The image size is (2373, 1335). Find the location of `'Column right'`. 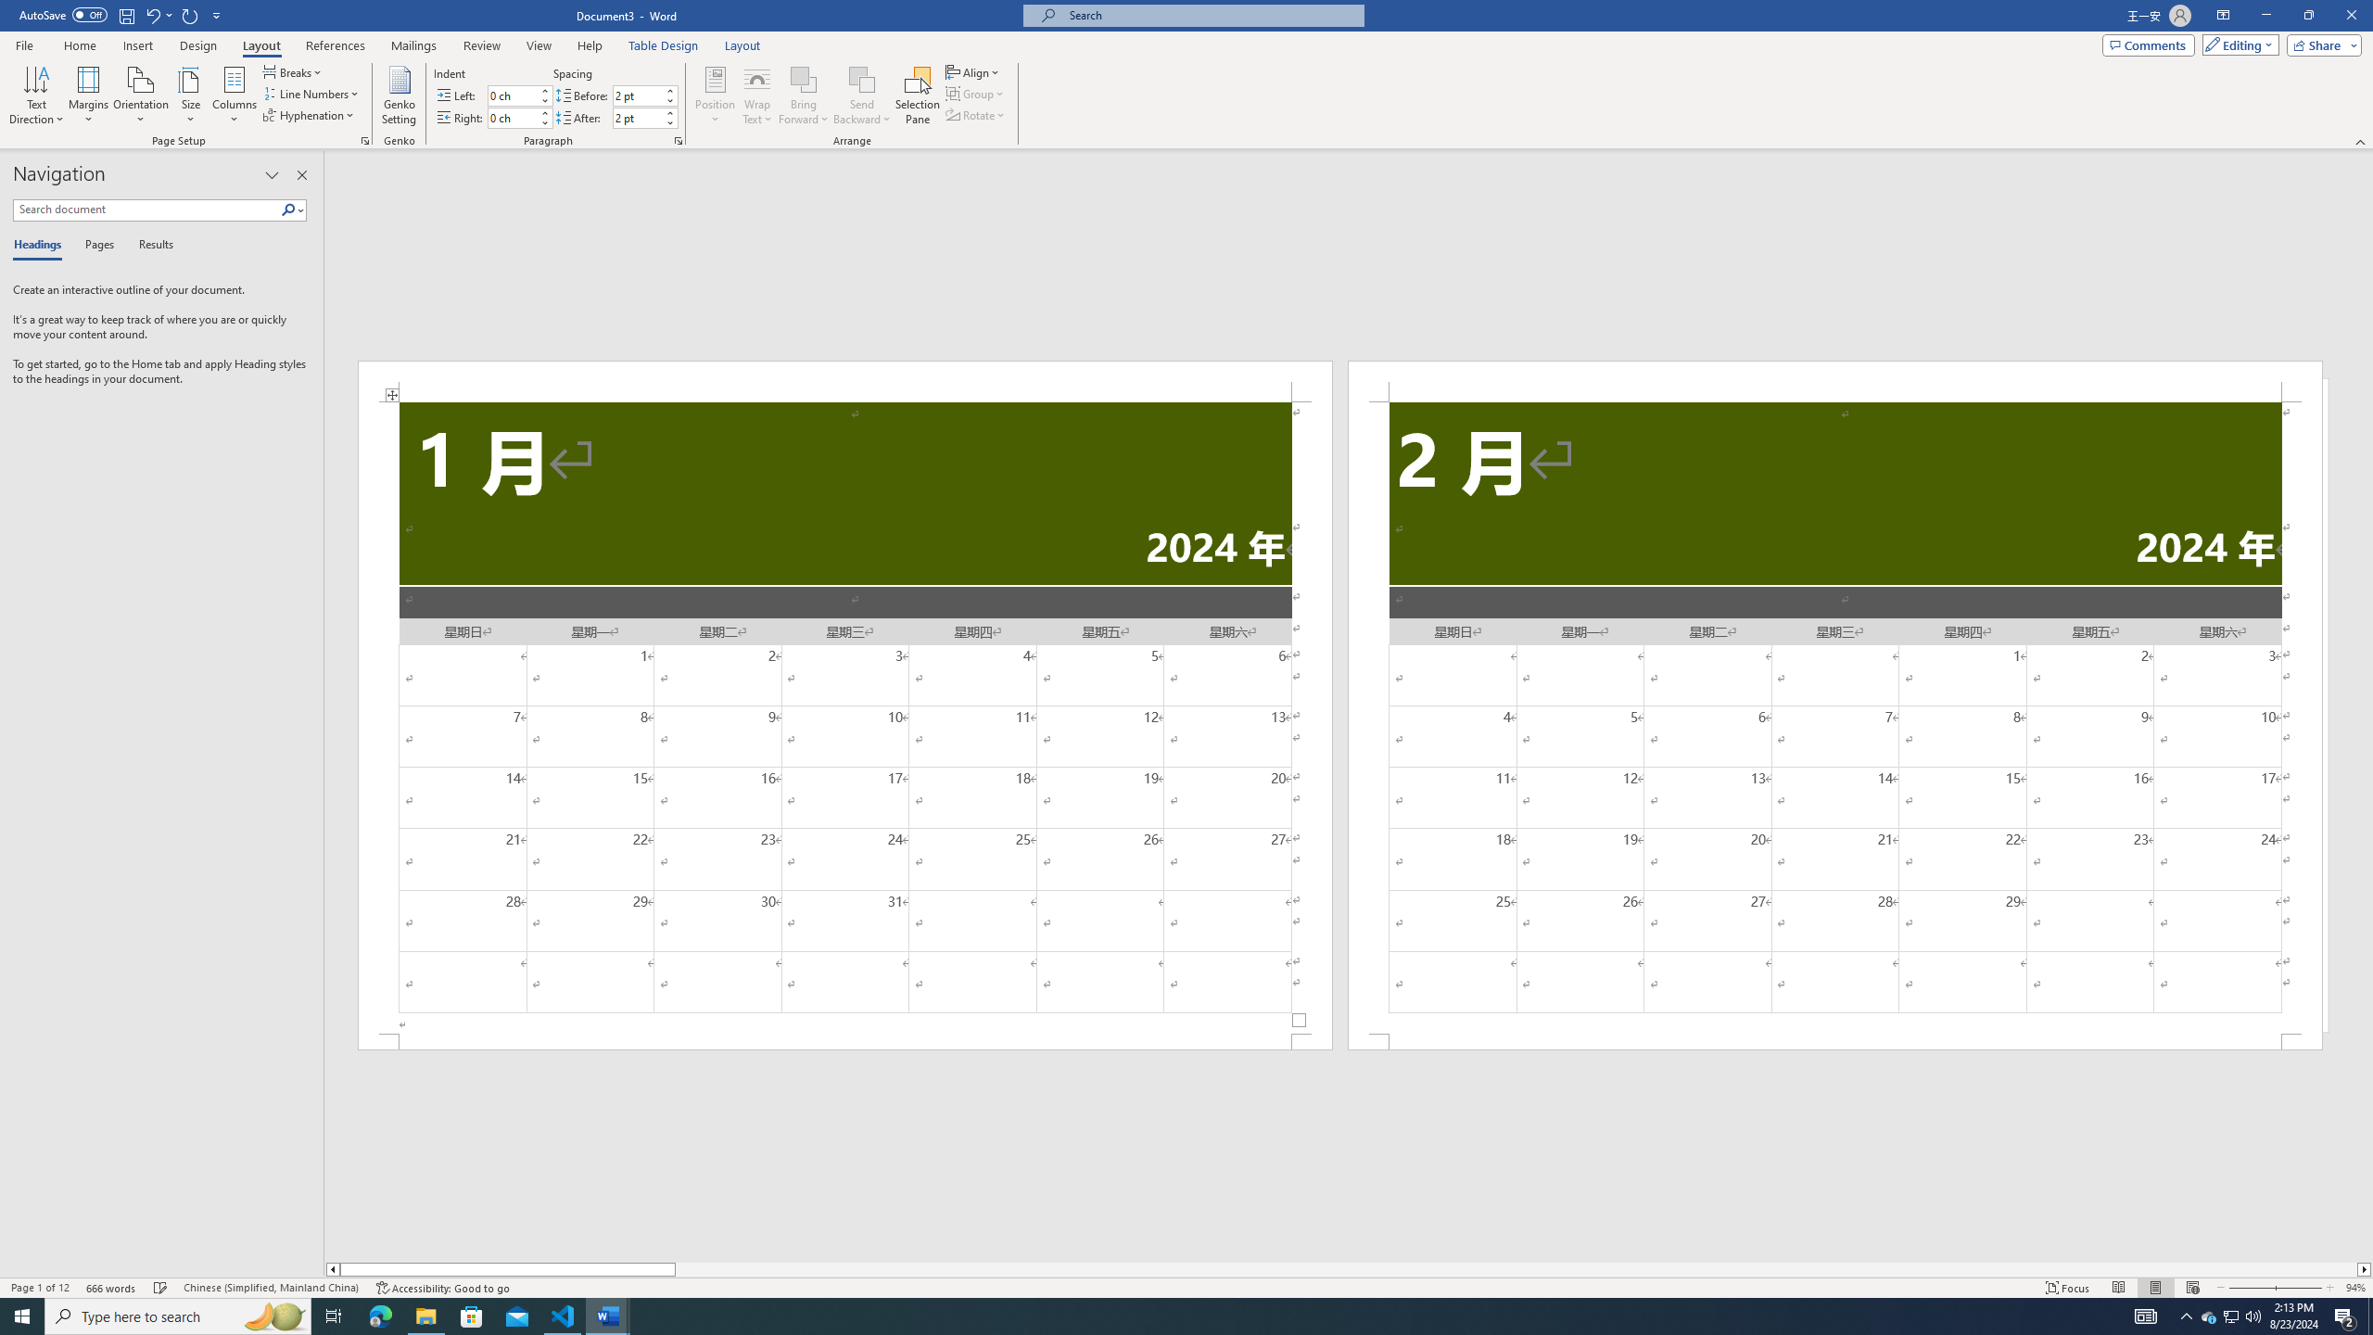

'Column right' is located at coordinates (2365, 1268).